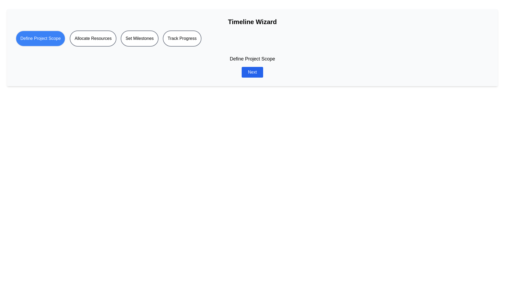 The image size is (515, 289). I want to click on the step labeled Set Milestones to select it, so click(139, 38).